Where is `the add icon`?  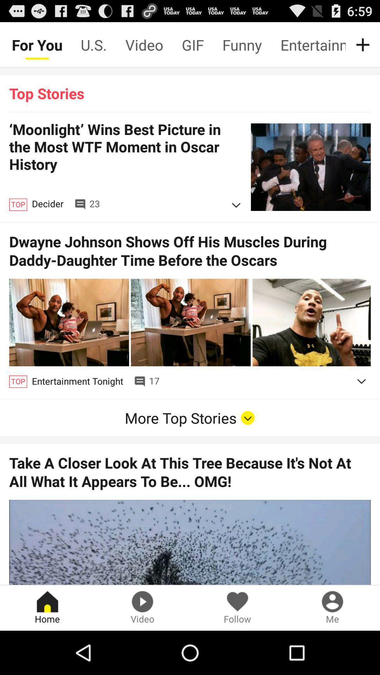
the add icon is located at coordinates (364, 47).